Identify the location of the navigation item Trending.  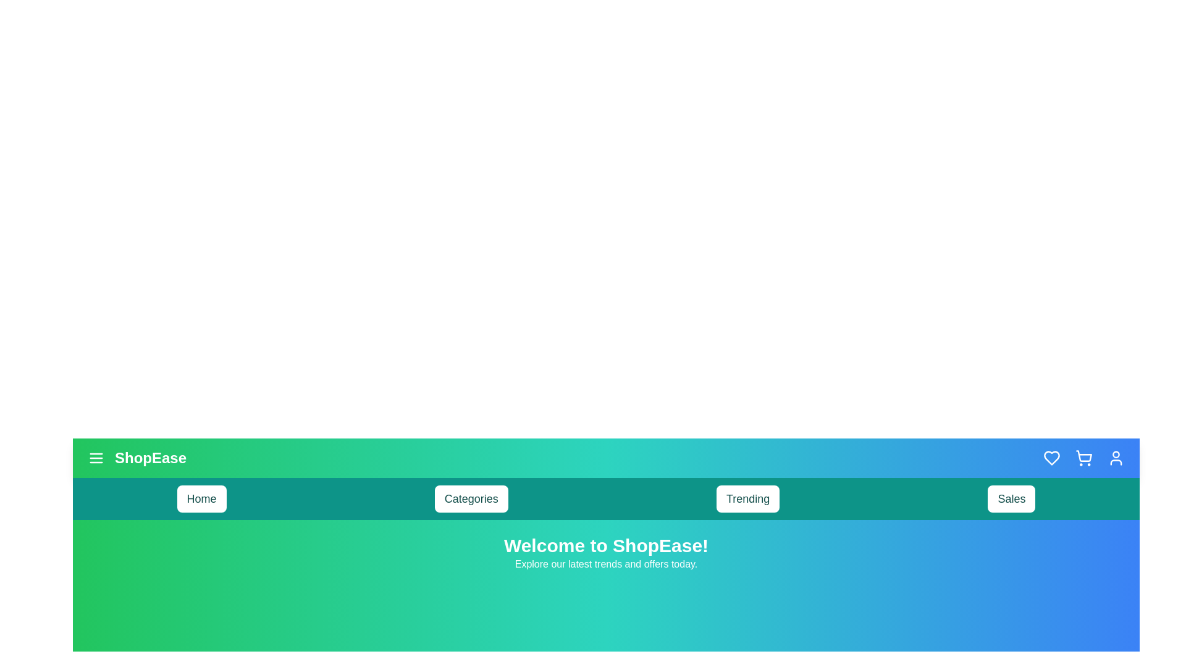
(747, 498).